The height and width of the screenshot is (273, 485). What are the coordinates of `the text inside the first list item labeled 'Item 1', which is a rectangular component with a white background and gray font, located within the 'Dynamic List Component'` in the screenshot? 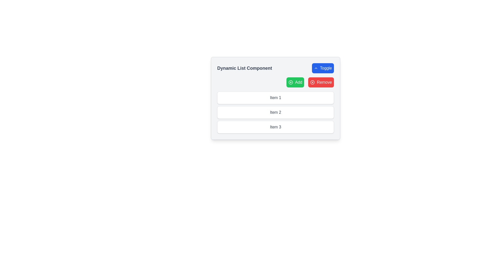 It's located at (275, 98).